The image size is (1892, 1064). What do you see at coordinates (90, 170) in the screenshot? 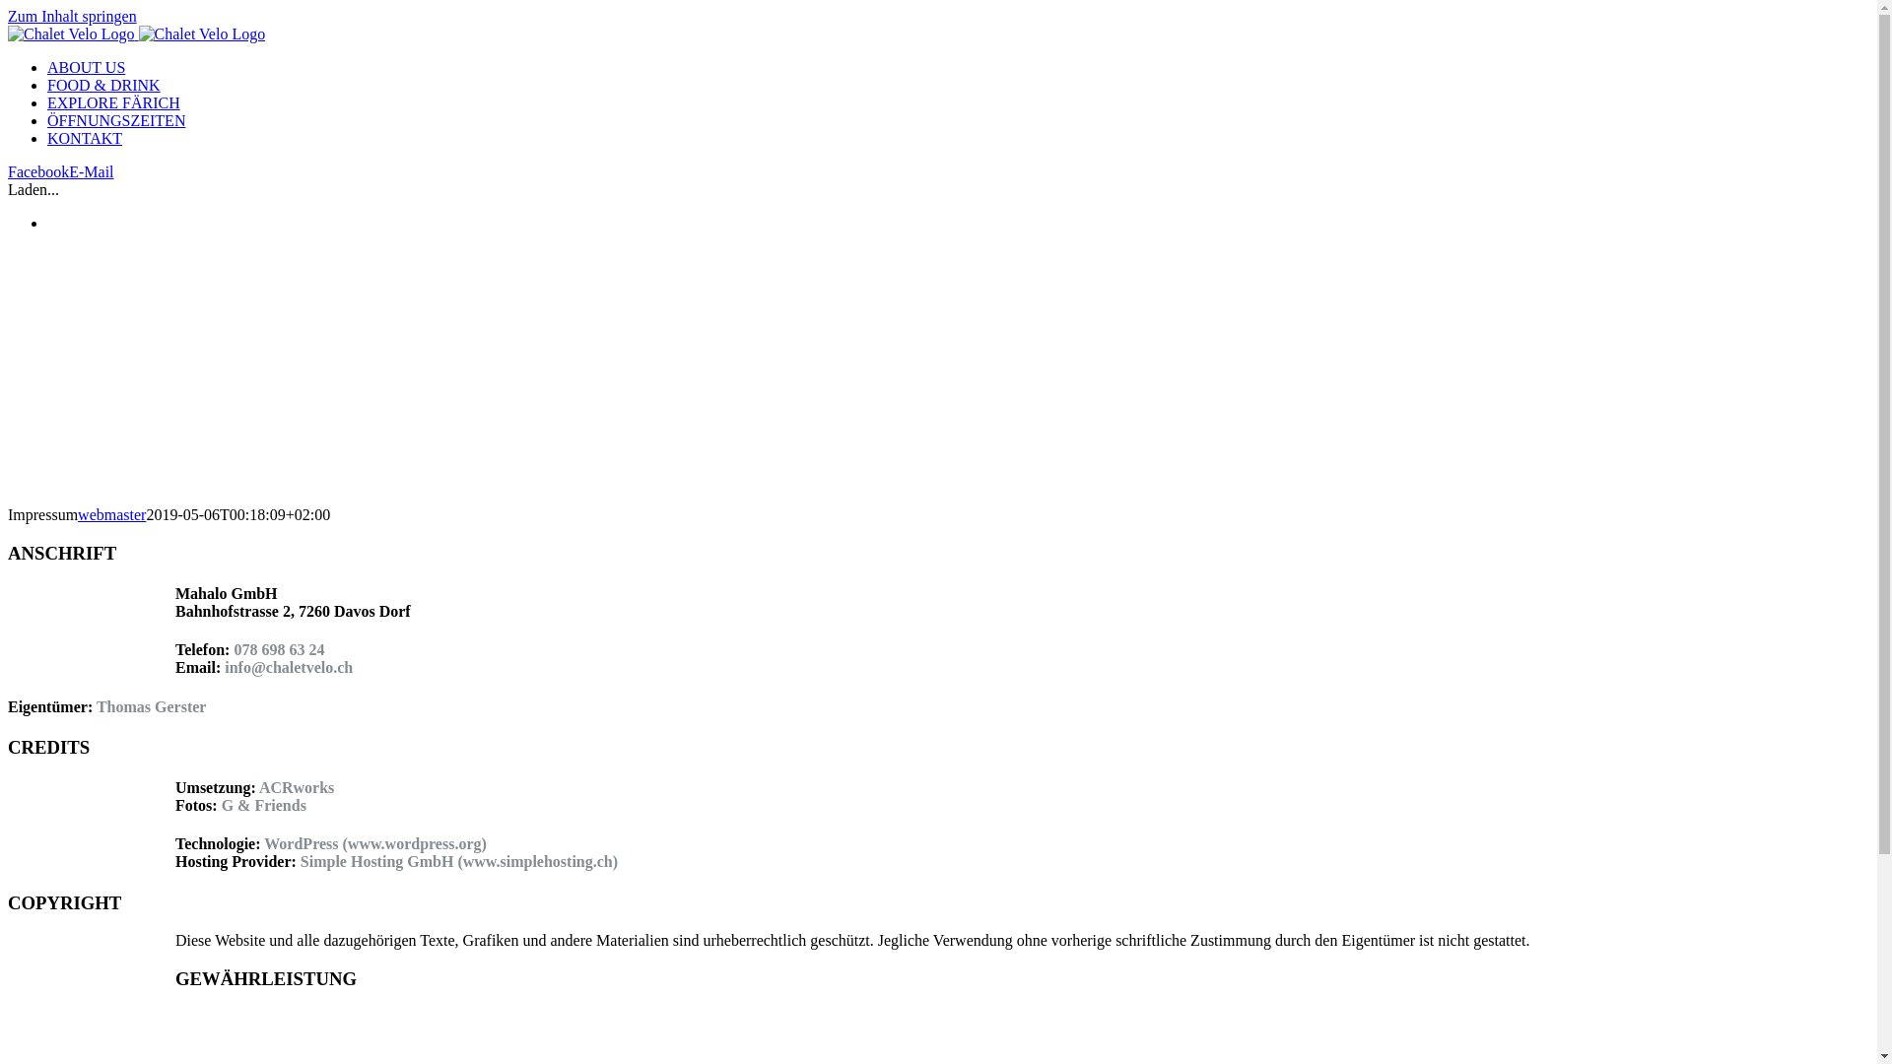
I see `'E-Mail'` at bounding box center [90, 170].